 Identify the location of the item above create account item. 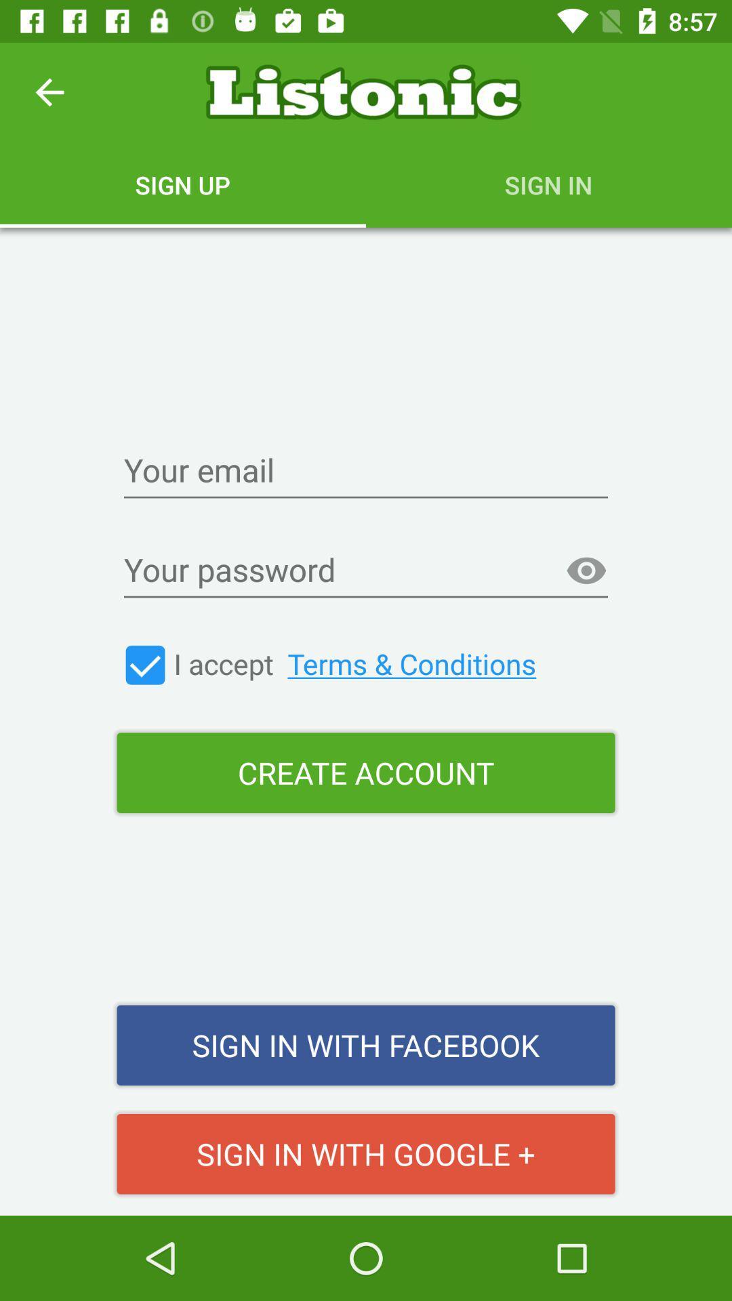
(586, 571).